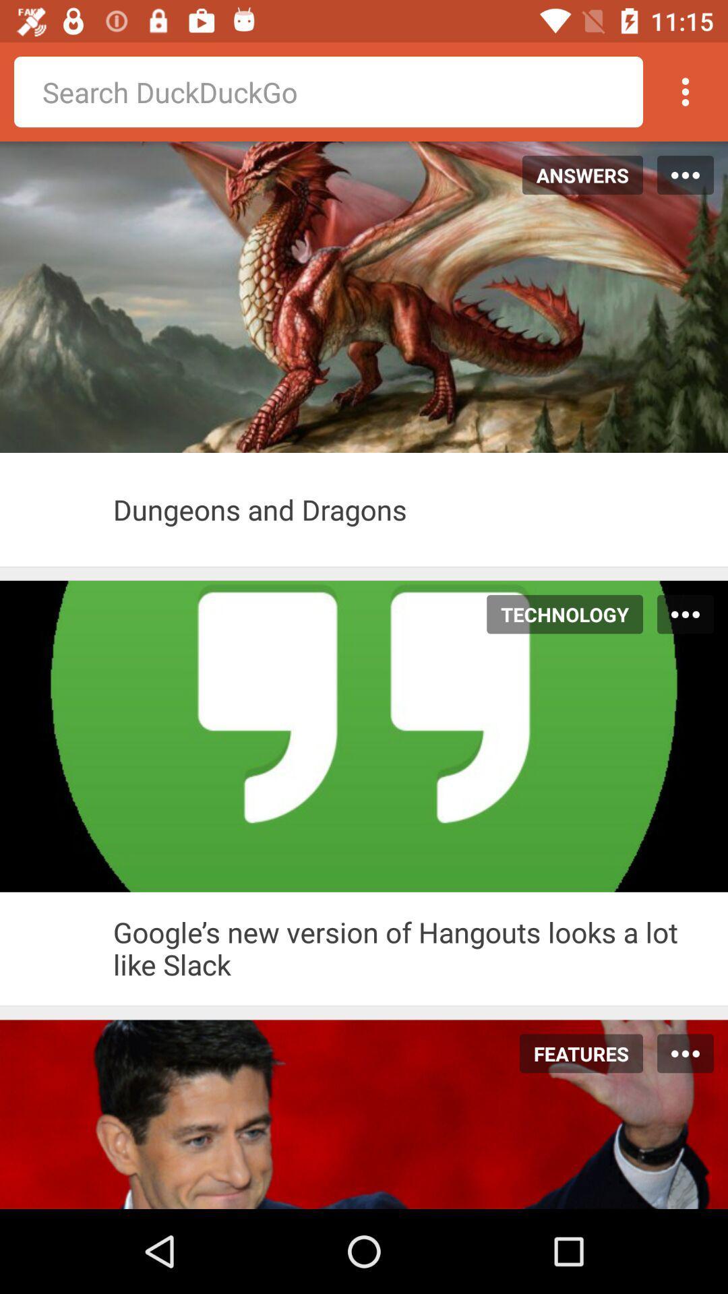  I want to click on the article, so click(56, 948).